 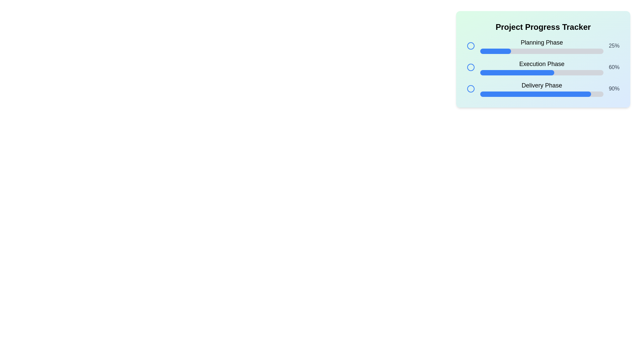 I want to click on the first circular icon in the 'Project Progress Tracker' panel that indicates the 'Planning Phase' step, so click(x=471, y=46).